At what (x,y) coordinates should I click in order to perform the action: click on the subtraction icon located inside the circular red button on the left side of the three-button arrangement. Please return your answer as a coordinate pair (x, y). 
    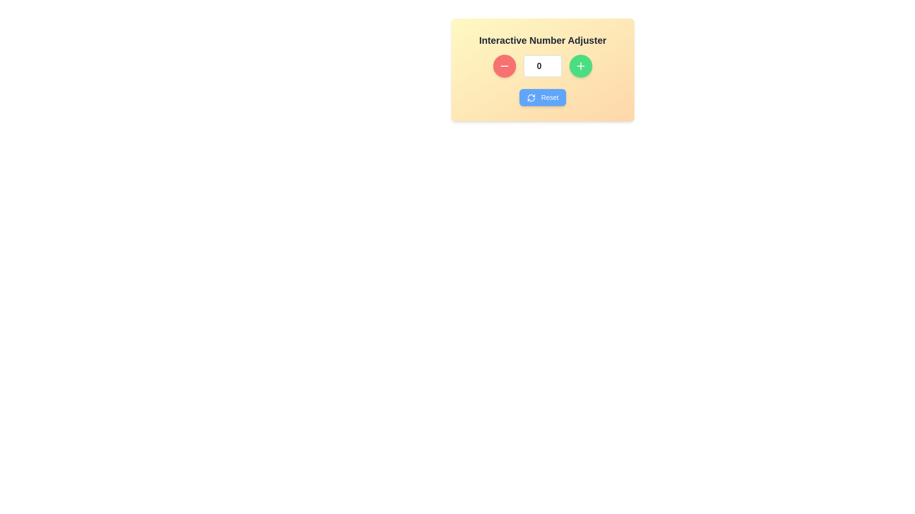
    Looking at the image, I should click on (504, 65).